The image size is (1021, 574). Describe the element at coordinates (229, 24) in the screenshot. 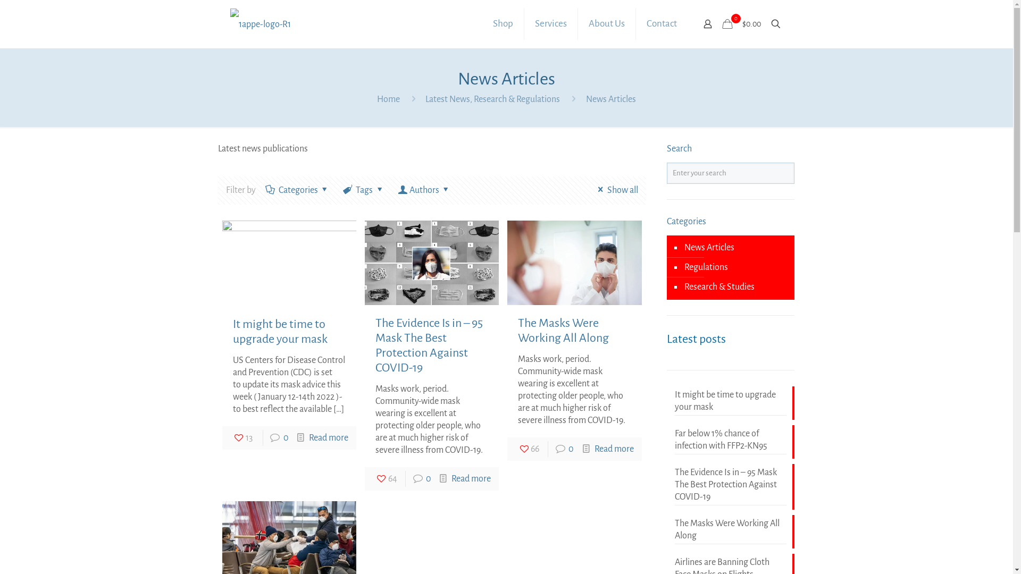

I see `'1st America PPE - Certified USA Protection'` at that location.